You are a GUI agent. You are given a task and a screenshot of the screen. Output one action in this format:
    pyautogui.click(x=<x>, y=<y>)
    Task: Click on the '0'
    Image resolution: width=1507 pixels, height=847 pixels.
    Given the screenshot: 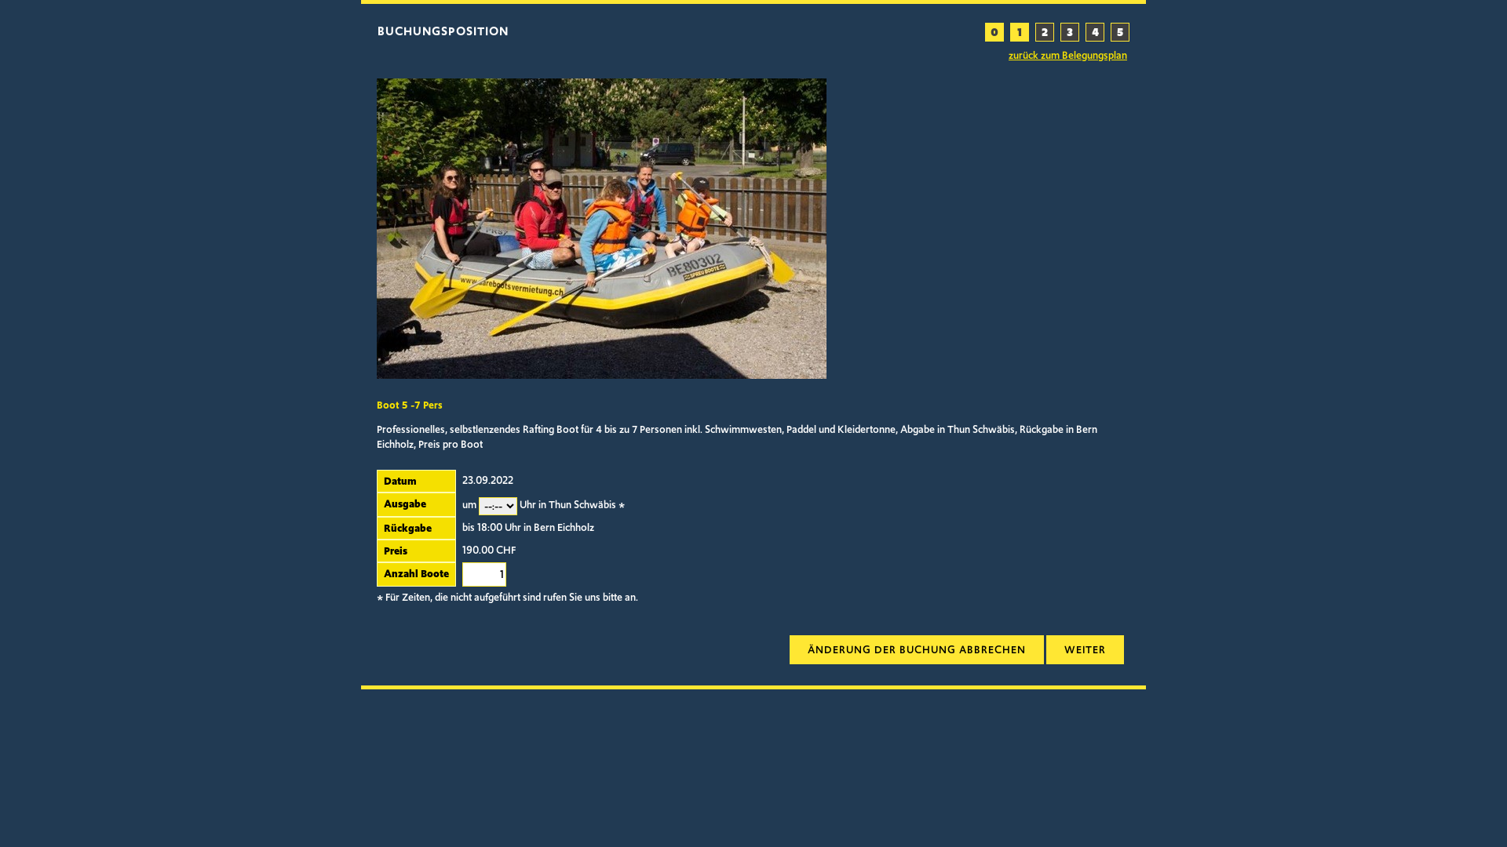 What is the action you would take?
    pyautogui.click(x=994, y=32)
    